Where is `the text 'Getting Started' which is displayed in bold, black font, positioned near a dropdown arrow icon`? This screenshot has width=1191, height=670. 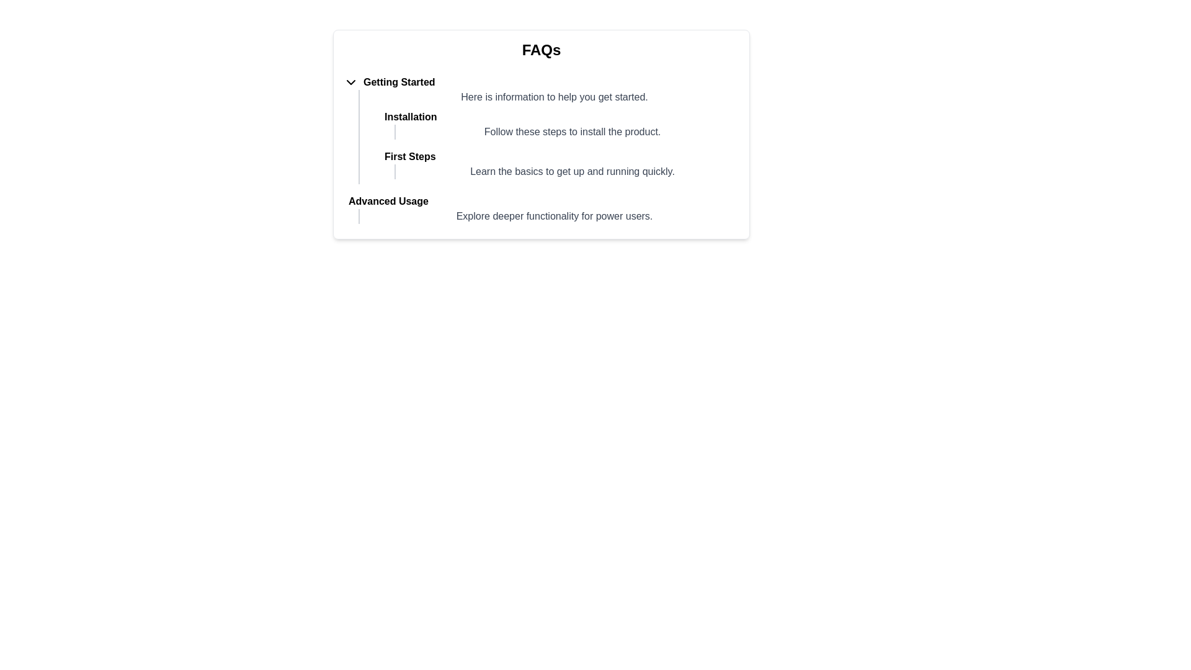
the text 'Getting Started' which is displayed in bold, black font, positioned near a dropdown arrow icon is located at coordinates (399, 82).